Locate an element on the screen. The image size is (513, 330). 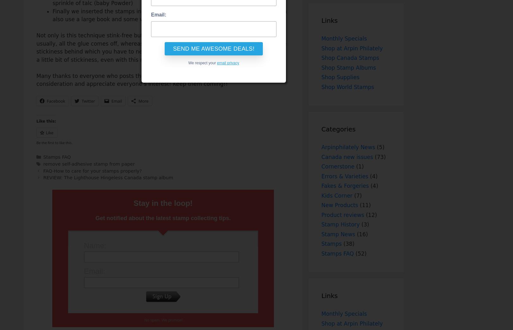
'(12)' is located at coordinates (370, 215).